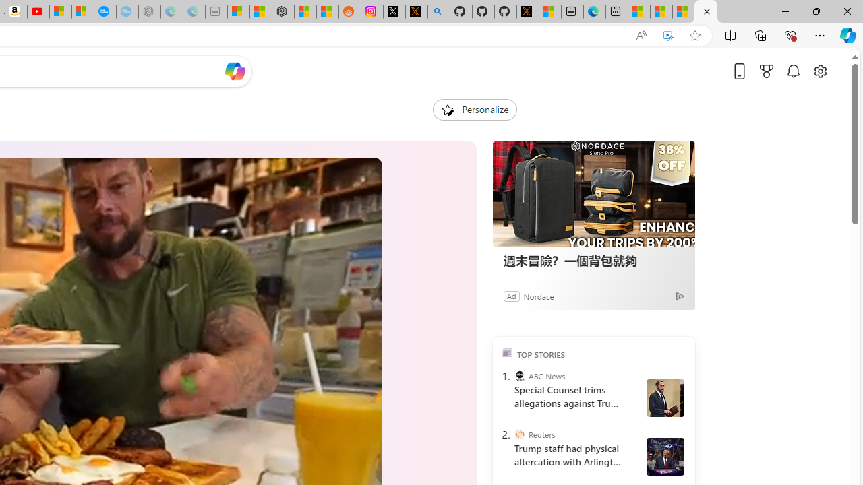  Describe the element at coordinates (767, 71) in the screenshot. I see `'Microsoft rewards'` at that location.